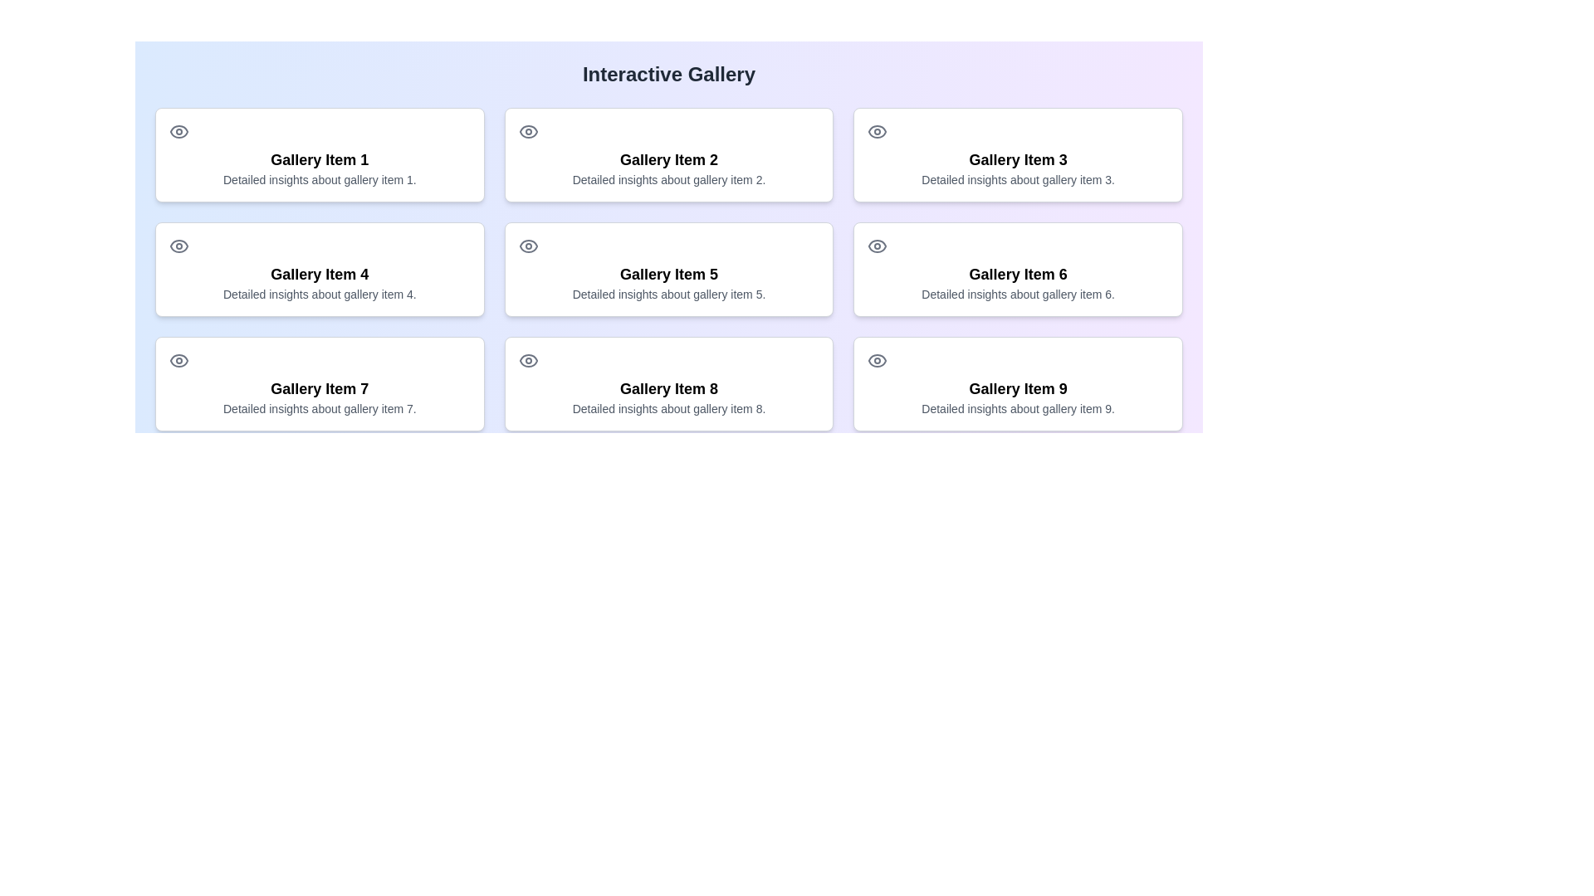 This screenshot has height=896, width=1594. What do you see at coordinates (1017, 179) in the screenshot?
I see `the text label that reads 'Detailed insights about gallery item 3.' located in the third card of the first row of a 3x3 grid layout, beneath the title 'Gallery Item 3'` at bounding box center [1017, 179].